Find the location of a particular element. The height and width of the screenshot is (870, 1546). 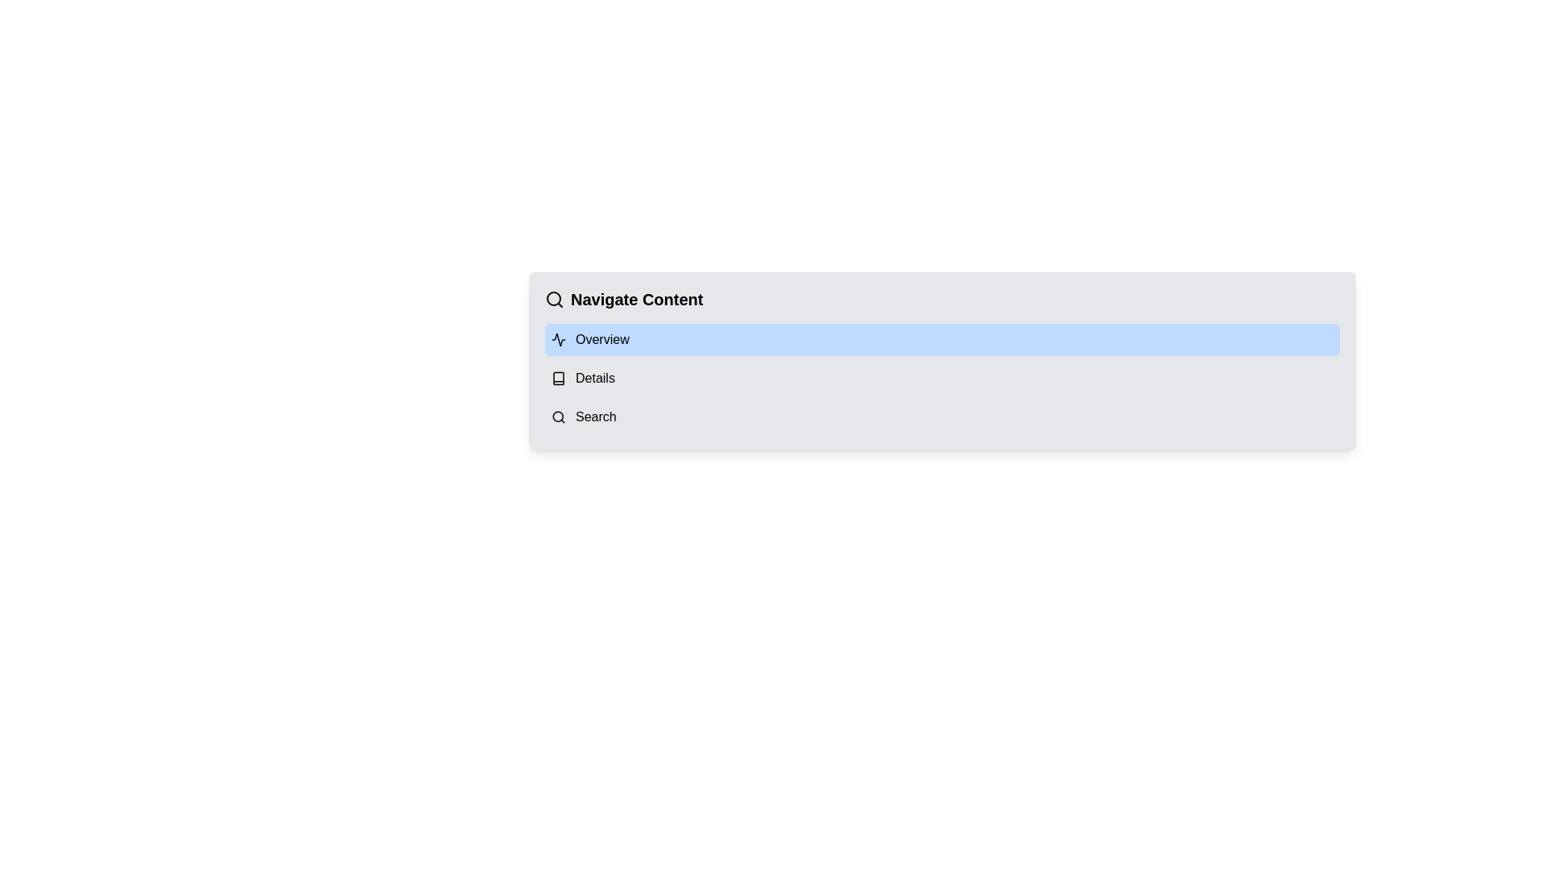

the zigzag or waveform-like icon located to the left of the 'Overview' text label in the vertical navigation panel is located at coordinates (559, 338).